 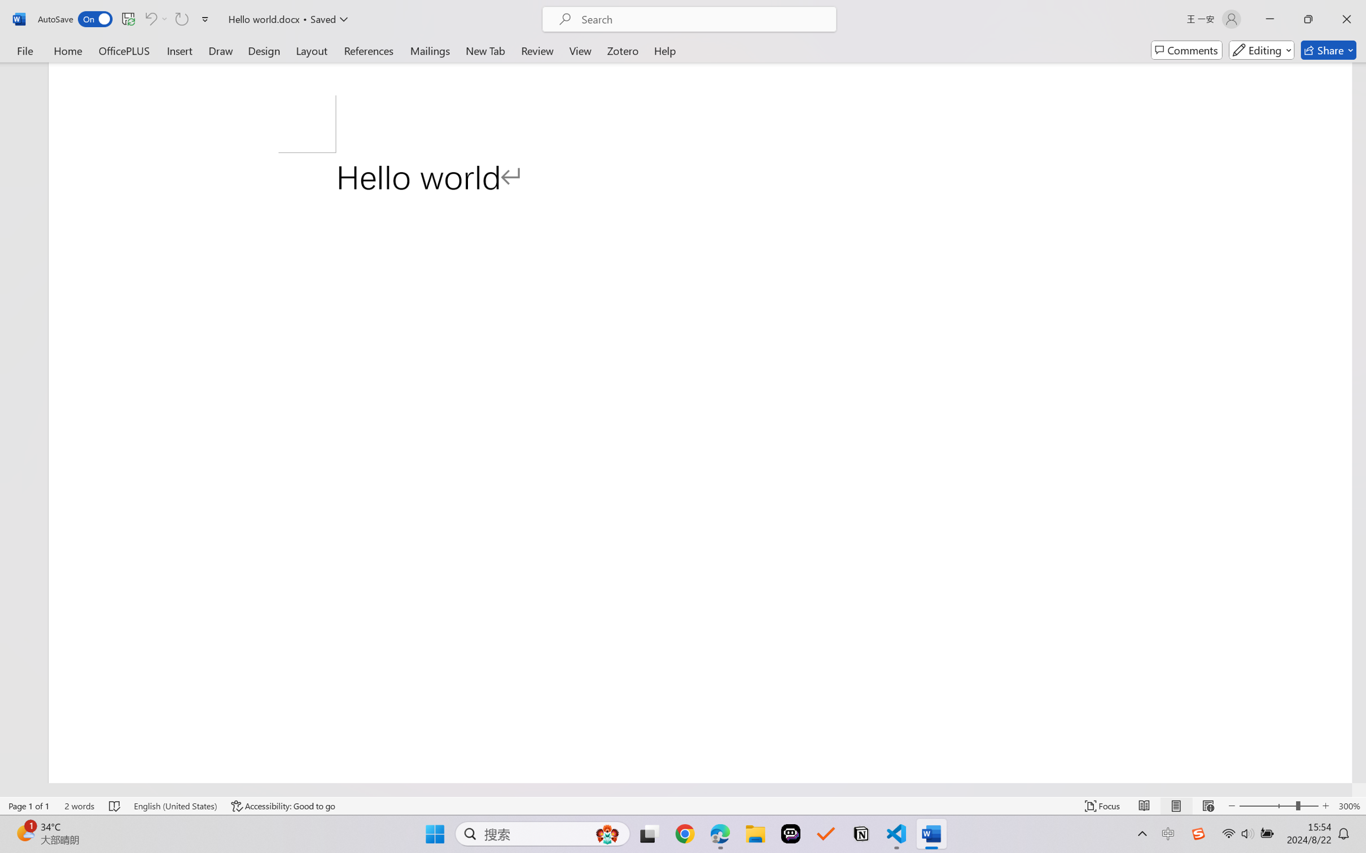 I want to click on 'Comments', so click(x=1187, y=50).